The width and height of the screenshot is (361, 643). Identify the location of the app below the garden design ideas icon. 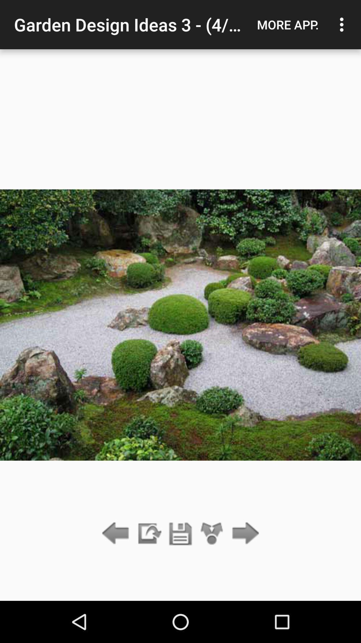
(148, 533).